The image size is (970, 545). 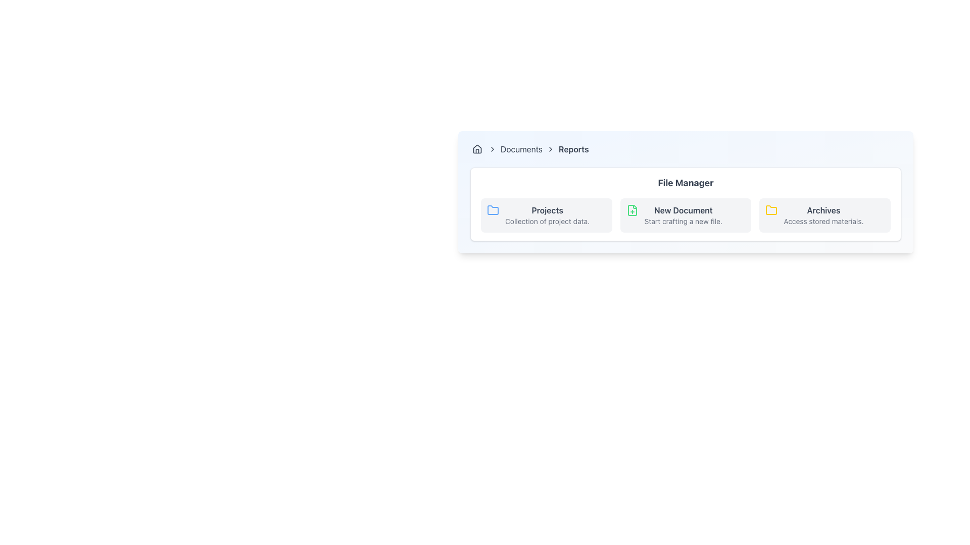 What do you see at coordinates (493, 209) in the screenshot?
I see `the icon that visually indicates the category related to projects, located to the left of the labels 'Projects' and 'Collection of project data.'` at bounding box center [493, 209].